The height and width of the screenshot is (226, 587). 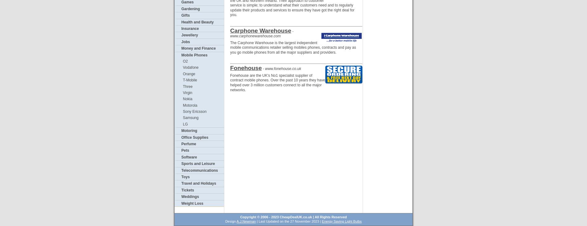 I want to click on 'Tickets', so click(x=188, y=190).